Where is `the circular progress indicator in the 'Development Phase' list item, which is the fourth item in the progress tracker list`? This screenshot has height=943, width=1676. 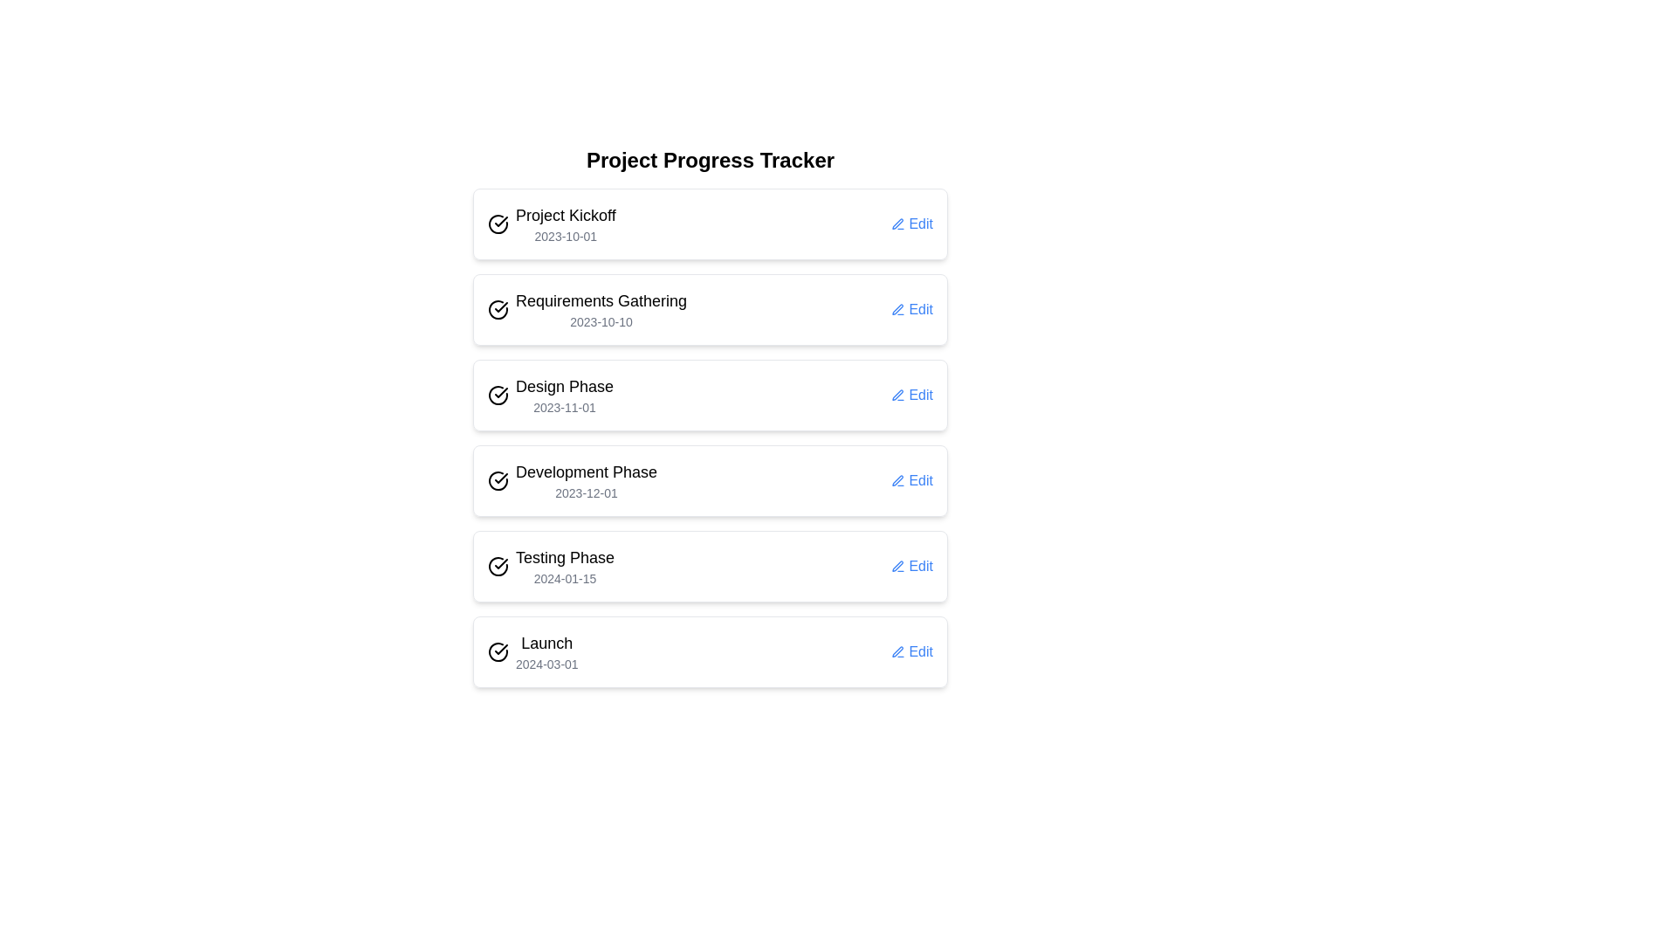
the circular progress indicator in the 'Development Phase' list item, which is the fourth item in the progress tracker list is located at coordinates (498, 481).